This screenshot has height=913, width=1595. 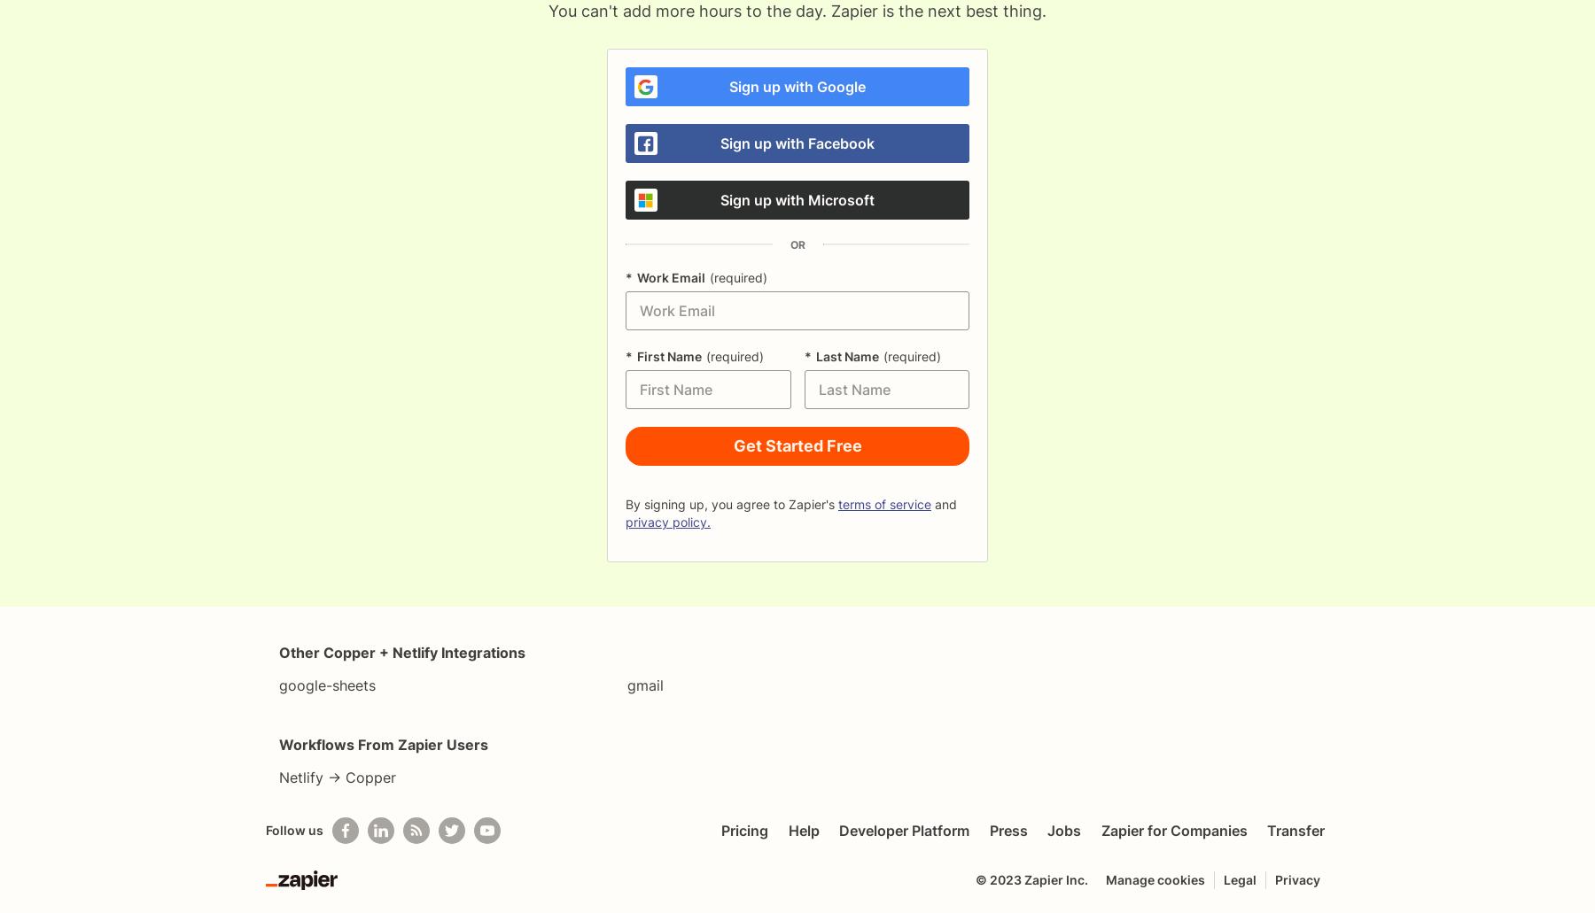 What do you see at coordinates (278, 684) in the screenshot?
I see `'google-sheets'` at bounding box center [278, 684].